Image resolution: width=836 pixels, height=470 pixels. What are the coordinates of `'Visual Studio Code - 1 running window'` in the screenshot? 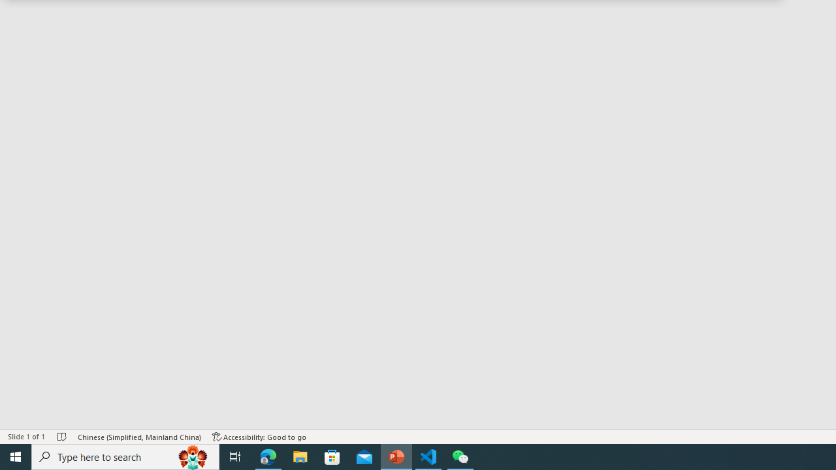 It's located at (428, 456).